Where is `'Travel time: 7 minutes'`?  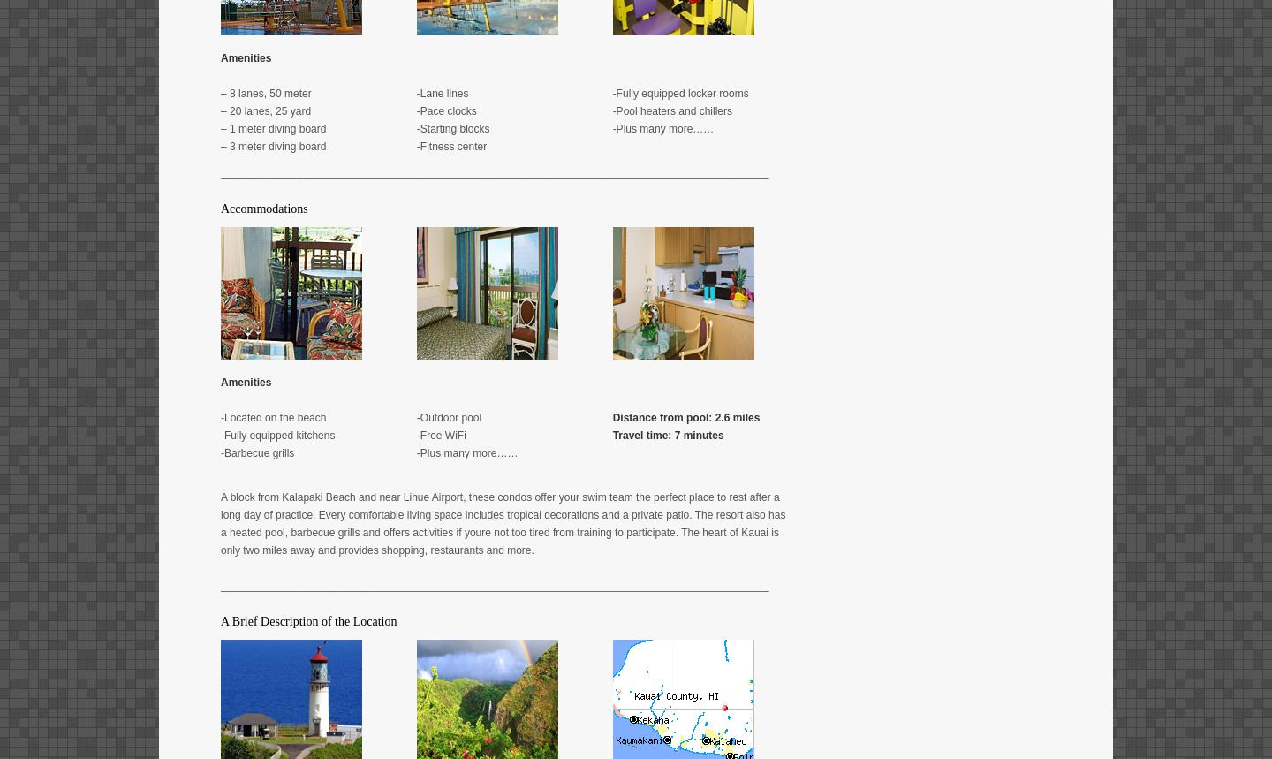
'Travel time: 7 minutes' is located at coordinates (612, 435).